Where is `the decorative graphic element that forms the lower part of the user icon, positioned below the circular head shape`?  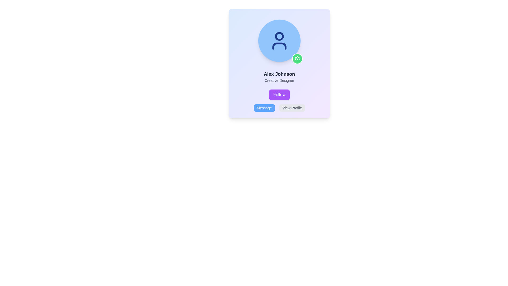
the decorative graphic element that forms the lower part of the user icon, positioned below the circular head shape is located at coordinates (279, 46).